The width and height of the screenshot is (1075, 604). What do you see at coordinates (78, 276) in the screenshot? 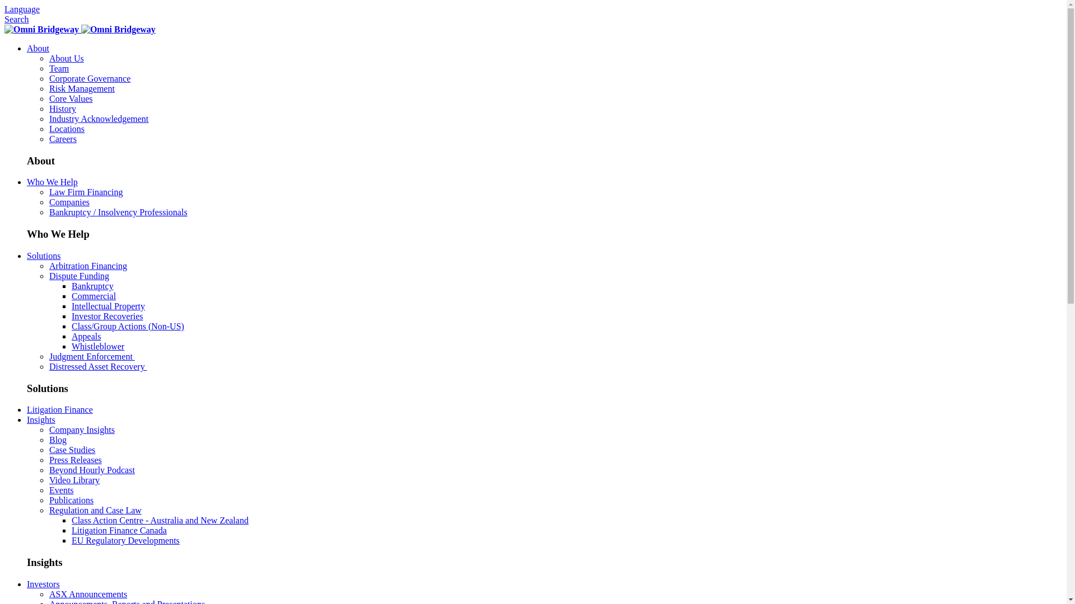
I see `'Dispute Funding'` at bounding box center [78, 276].